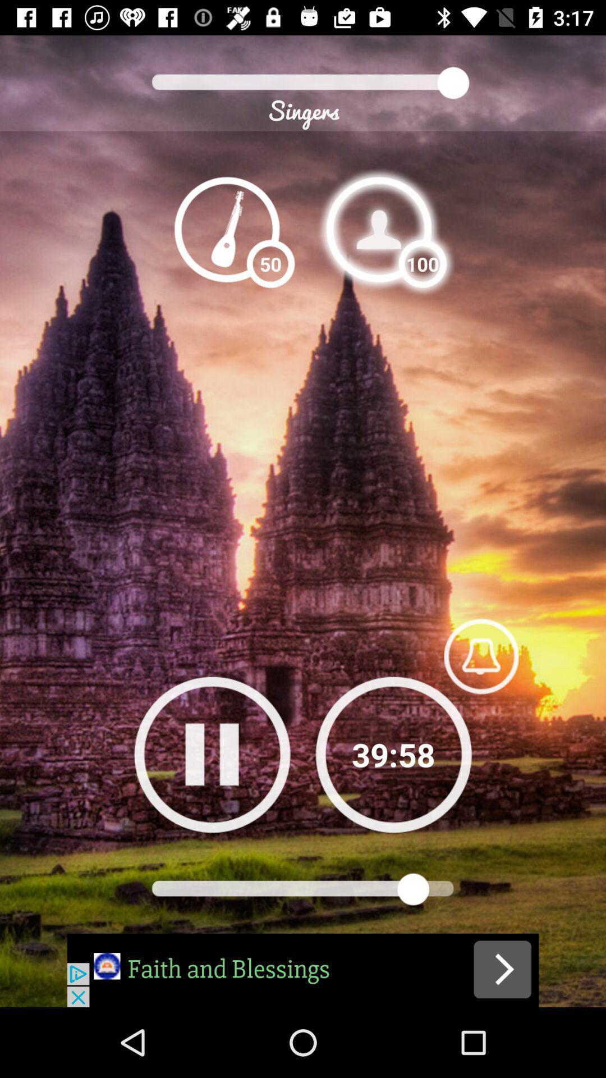 The image size is (606, 1078). I want to click on an option, so click(379, 229).